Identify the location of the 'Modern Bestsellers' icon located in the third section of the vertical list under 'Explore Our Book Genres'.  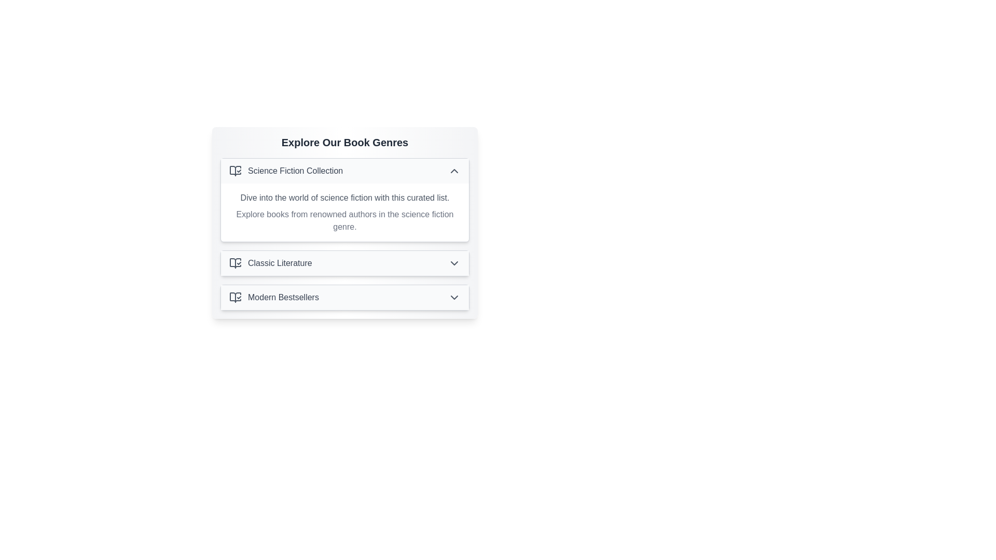
(235, 298).